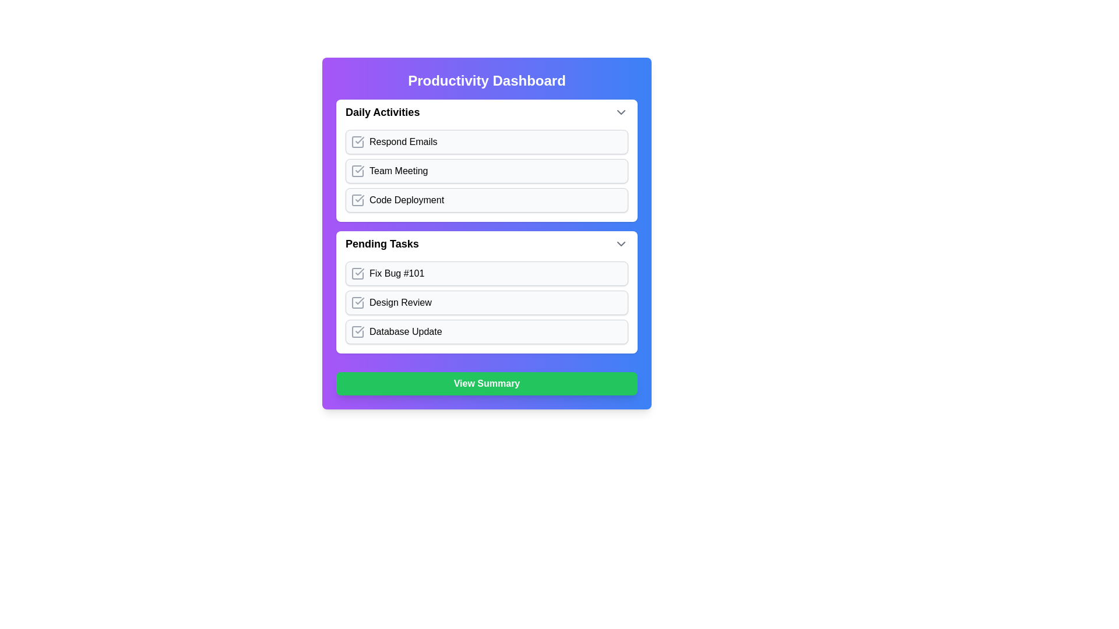 The height and width of the screenshot is (629, 1119). Describe the element at coordinates (487, 302) in the screenshot. I see `the List item with a checkbox labeled 'Design Review' to observe any animation effects` at that location.